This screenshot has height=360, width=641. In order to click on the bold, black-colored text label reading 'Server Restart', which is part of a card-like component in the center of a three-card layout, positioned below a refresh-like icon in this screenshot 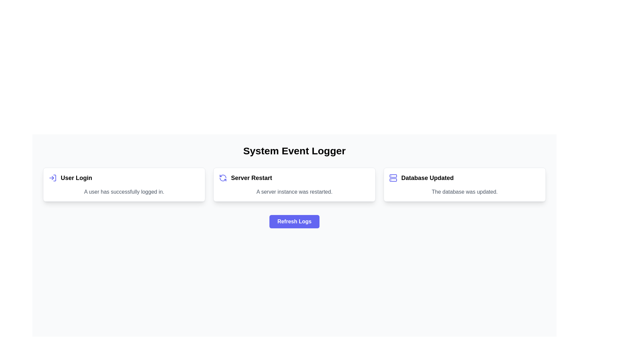, I will do `click(251, 177)`.